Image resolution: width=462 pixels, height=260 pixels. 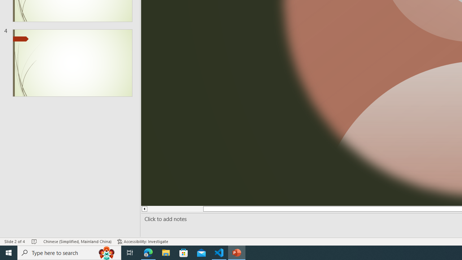 What do you see at coordinates (143, 242) in the screenshot?
I see `'Accessibility Checker Accessibility: Investigate'` at bounding box center [143, 242].